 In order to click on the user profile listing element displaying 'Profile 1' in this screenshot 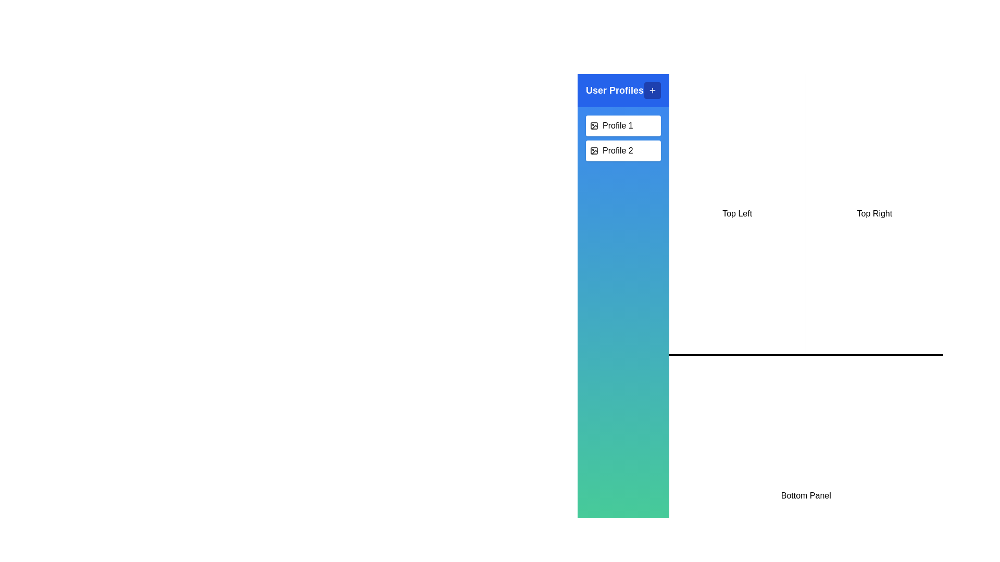, I will do `click(623, 125)`.